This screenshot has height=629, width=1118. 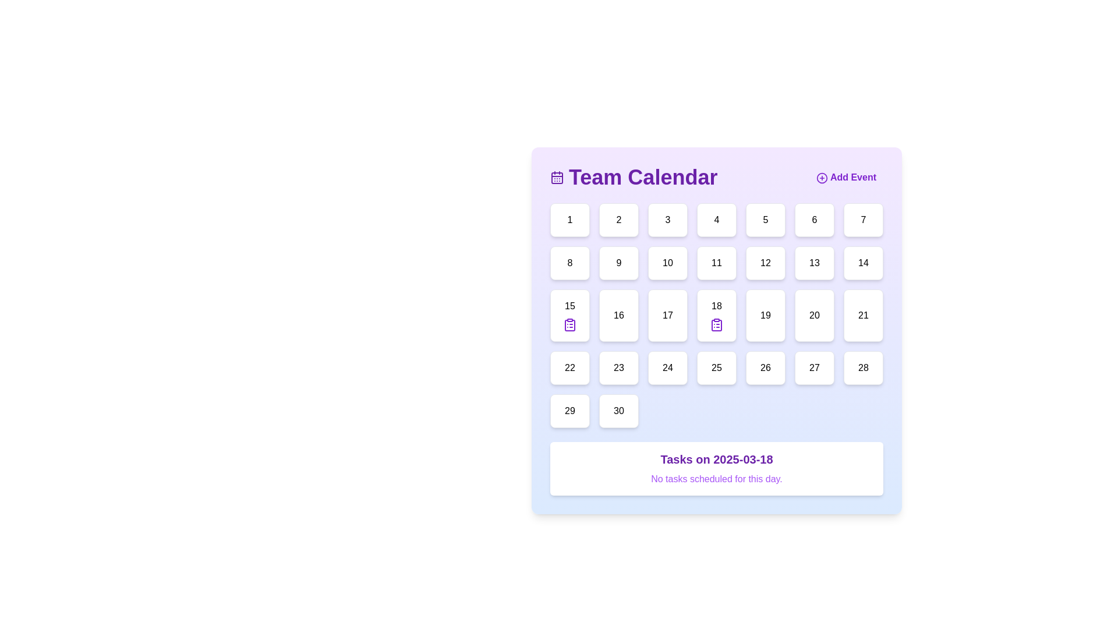 What do you see at coordinates (618, 410) in the screenshot?
I see `the white square button with rounded corners containing the number '30' in black text` at bounding box center [618, 410].